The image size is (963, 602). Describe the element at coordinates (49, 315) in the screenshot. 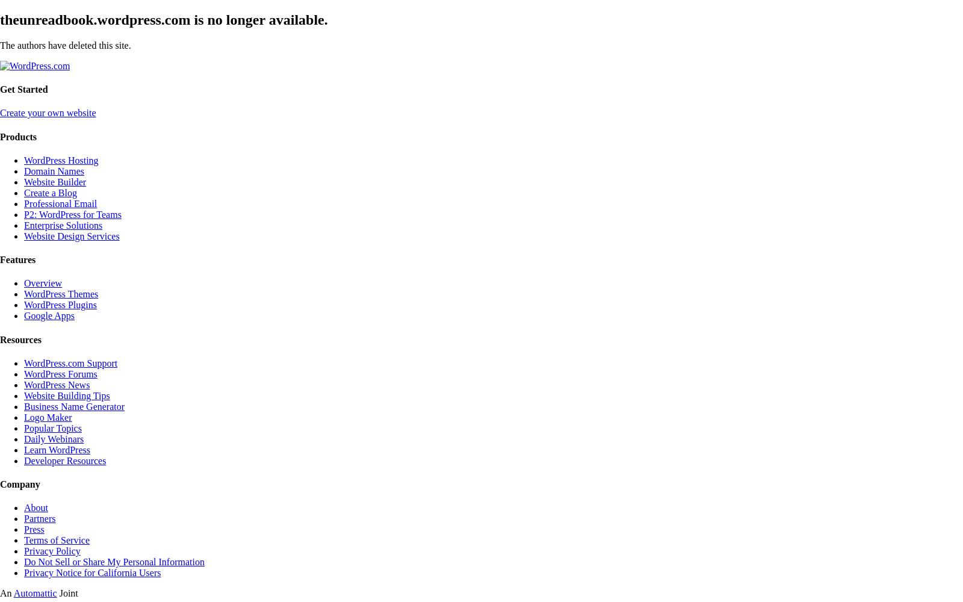

I see `'Google Apps'` at that location.